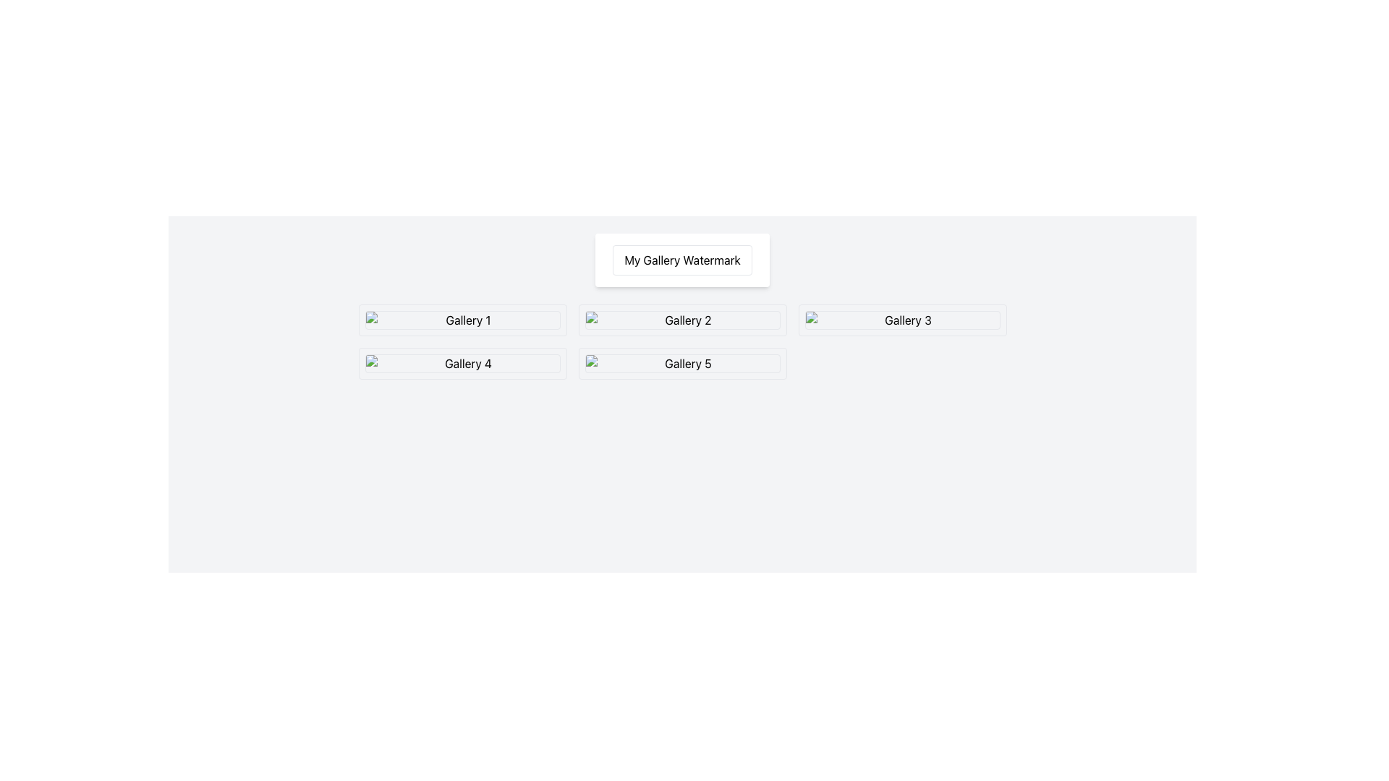  What do you see at coordinates (901, 320) in the screenshot?
I see `the 'Gallery 3' button-like component located in the third column of the first row of the grid below 'My Gallery Watermark'` at bounding box center [901, 320].